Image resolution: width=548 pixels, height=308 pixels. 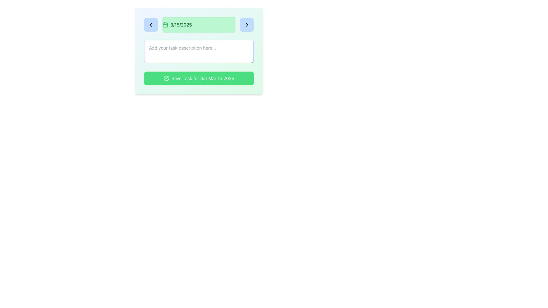 I want to click on the leftward-pointing arrow icon button with a thin outline and light blue background, so click(x=151, y=25).